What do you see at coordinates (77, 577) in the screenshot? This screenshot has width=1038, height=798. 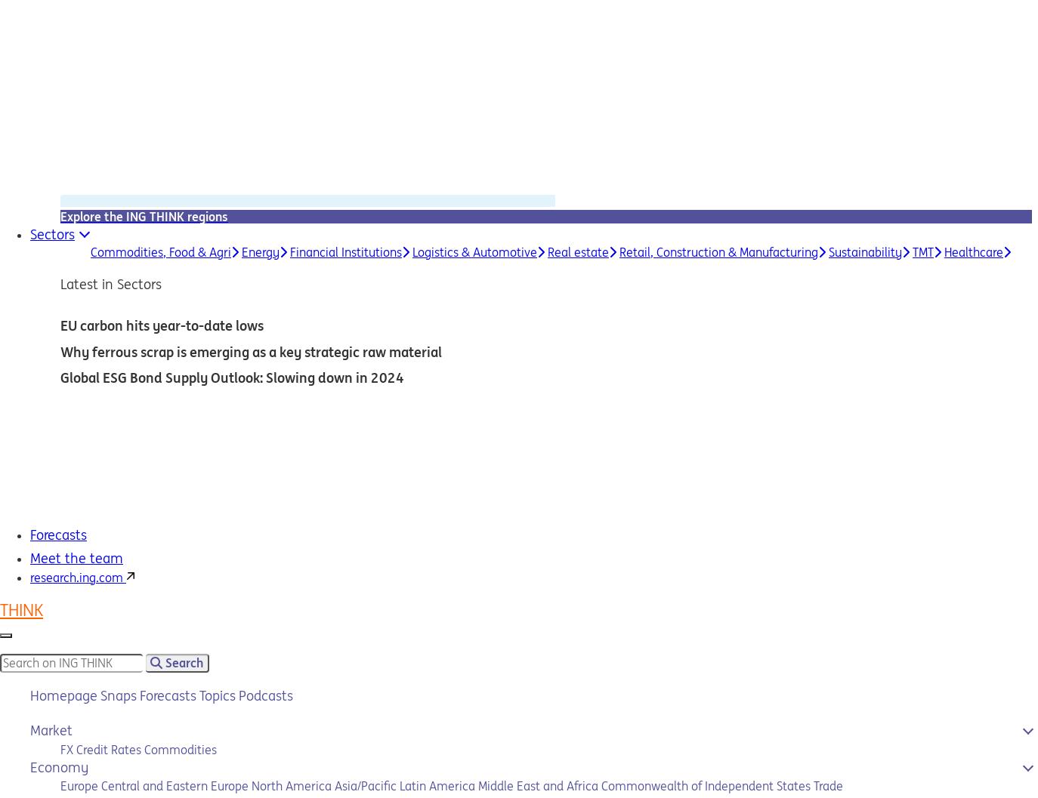 I see `'research.ing.com'` at bounding box center [77, 577].